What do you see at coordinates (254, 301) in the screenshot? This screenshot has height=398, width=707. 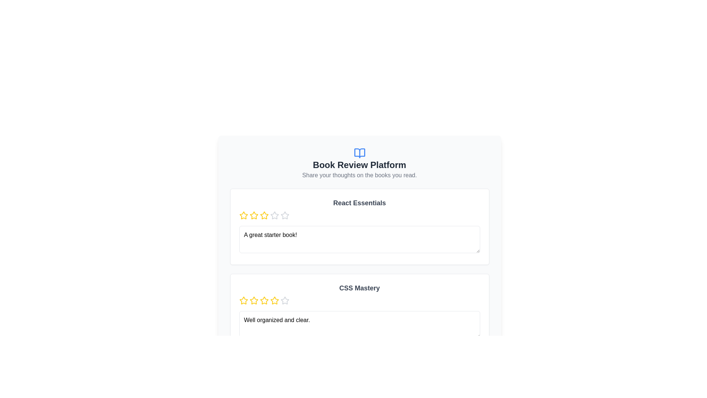 I see `the second star in the rating system for the book 'CSS Mastery'` at bounding box center [254, 301].